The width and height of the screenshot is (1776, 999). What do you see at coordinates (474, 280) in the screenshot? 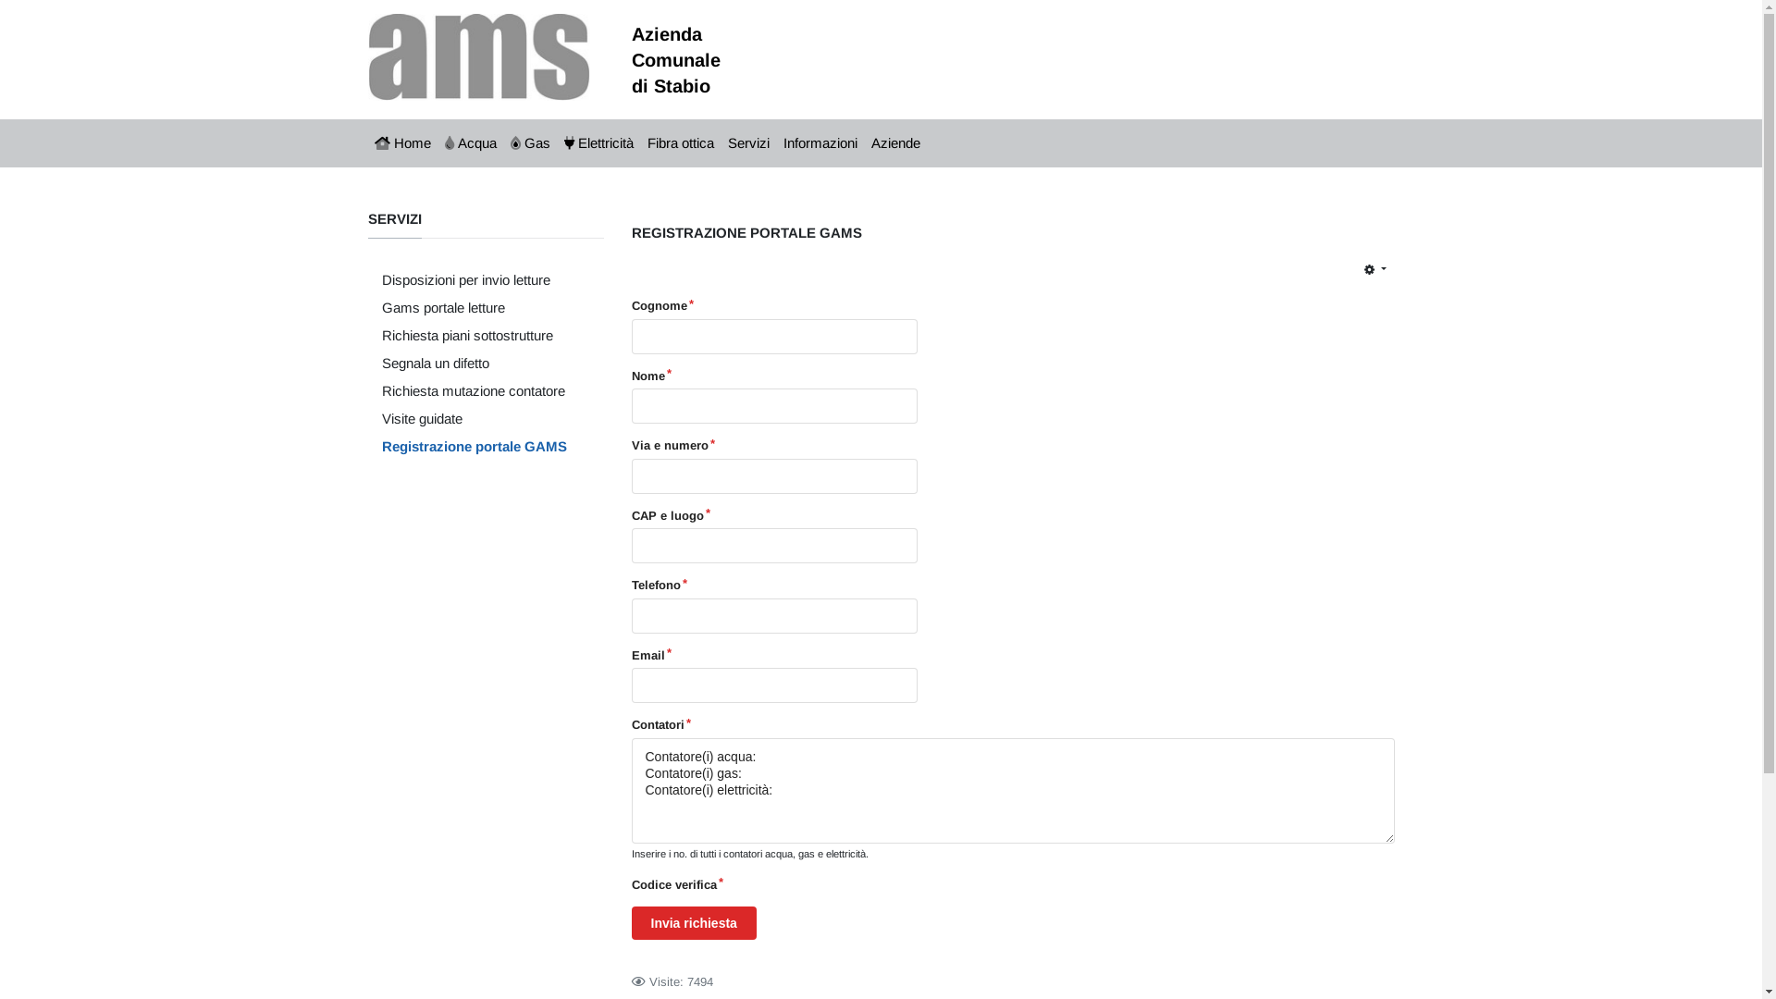
I see `'Disposizioni per invio letture'` at bounding box center [474, 280].